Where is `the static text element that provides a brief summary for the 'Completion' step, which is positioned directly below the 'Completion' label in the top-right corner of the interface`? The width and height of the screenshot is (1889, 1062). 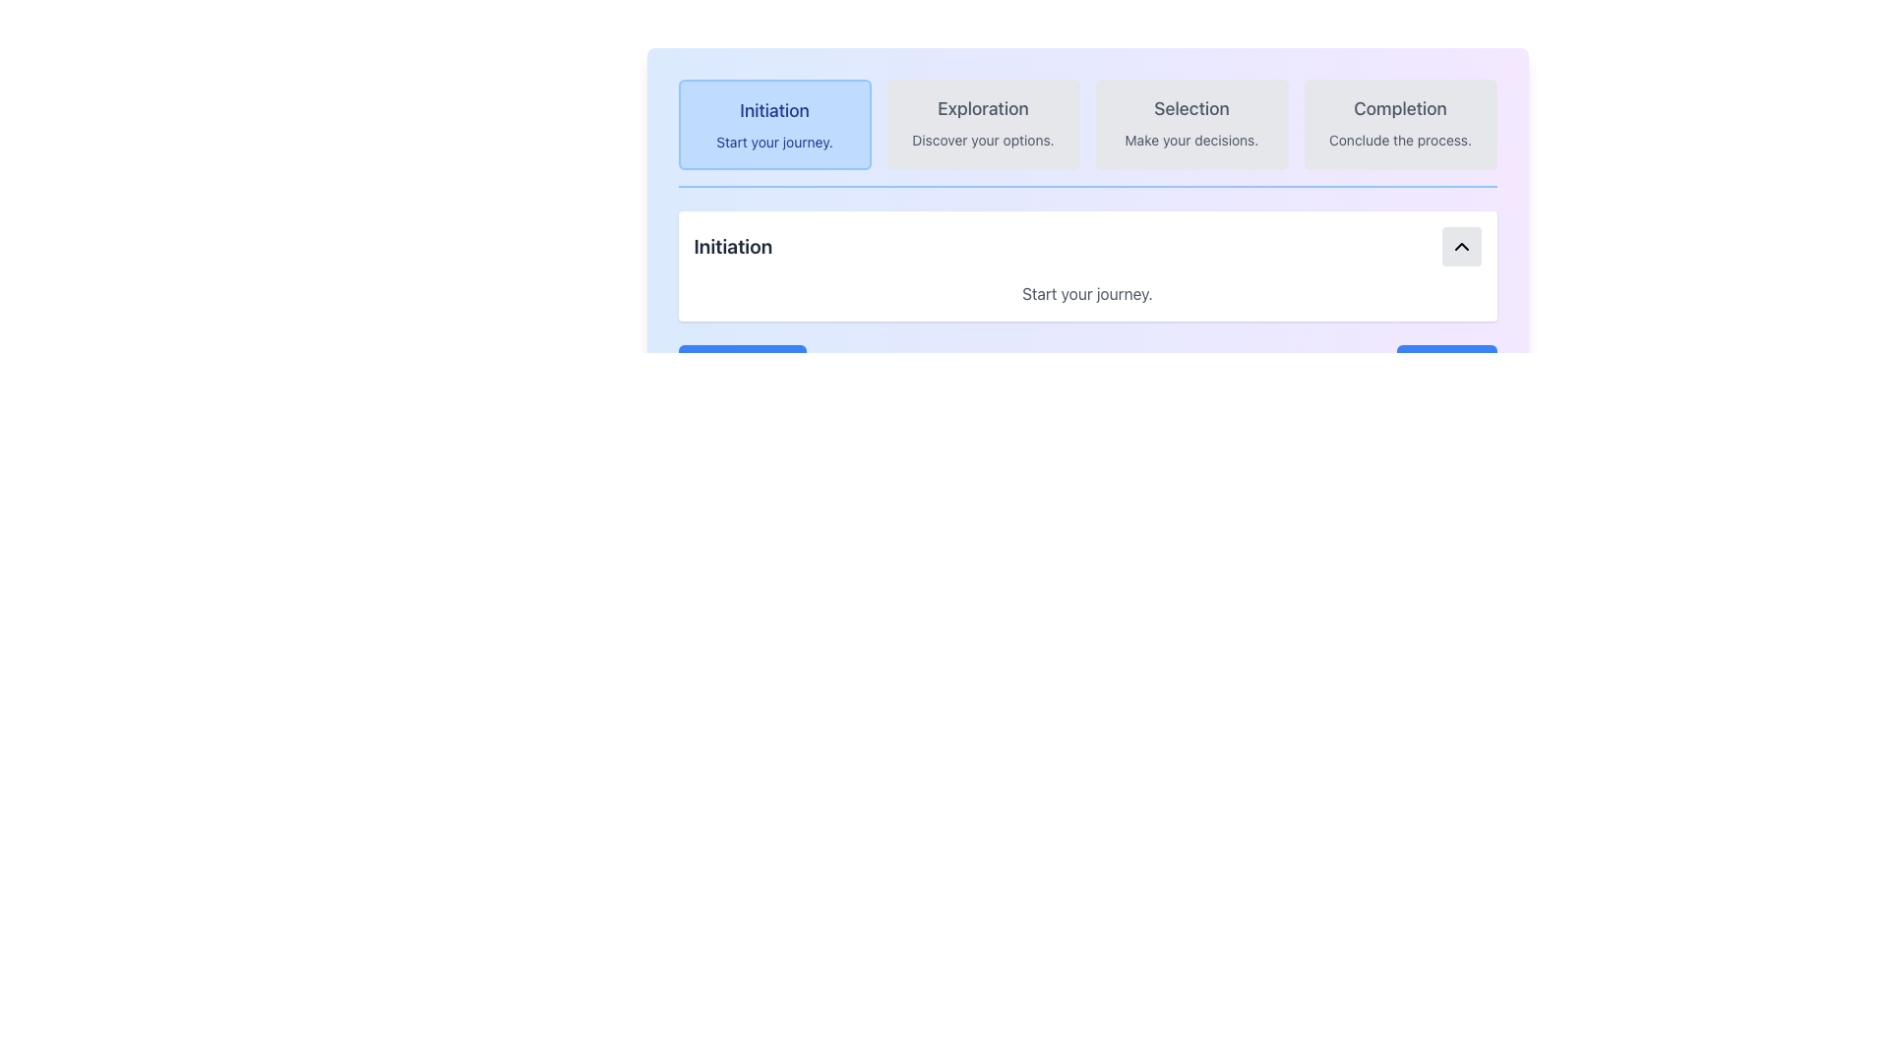 the static text element that provides a brief summary for the 'Completion' step, which is positioned directly below the 'Completion' label in the top-right corner of the interface is located at coordinates (1399, 139).